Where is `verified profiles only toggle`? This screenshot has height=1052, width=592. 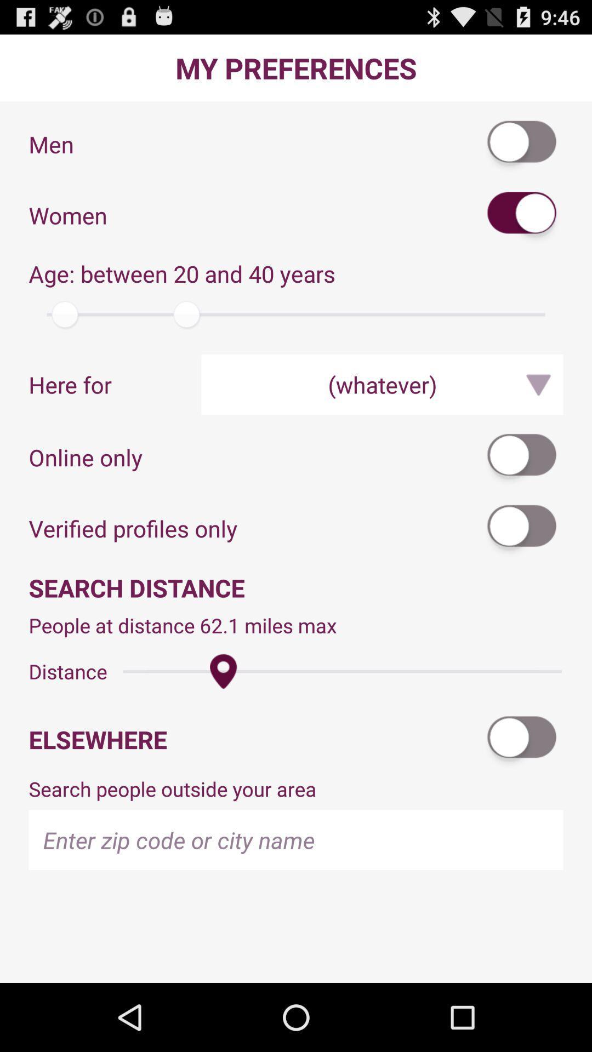
verified profiles only toggle is located at coordinates (522, 528).